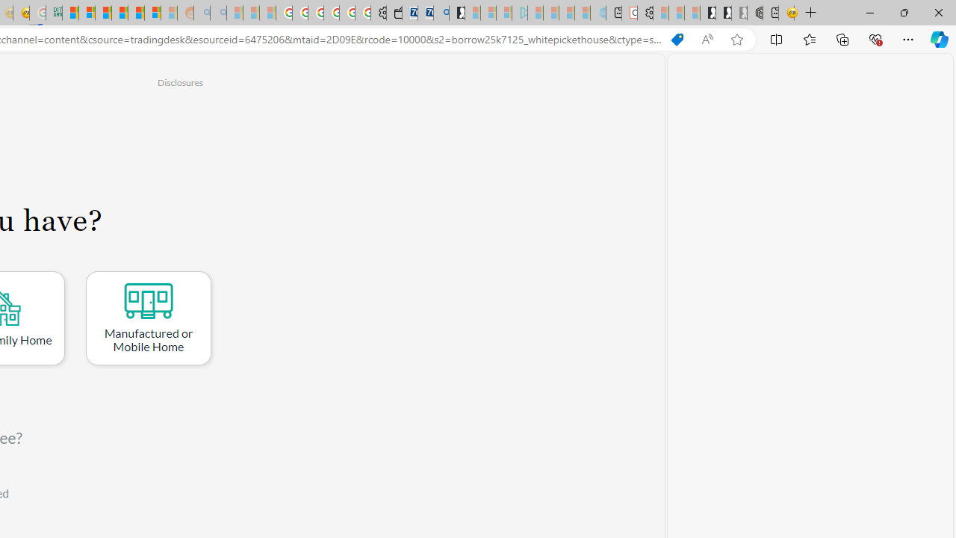 The width and height of the screenshot is (956, 538). What do you see at coordinates (394, 13) in the screenshot?
I see `'Wallet'` at bounding box center [394, 13].